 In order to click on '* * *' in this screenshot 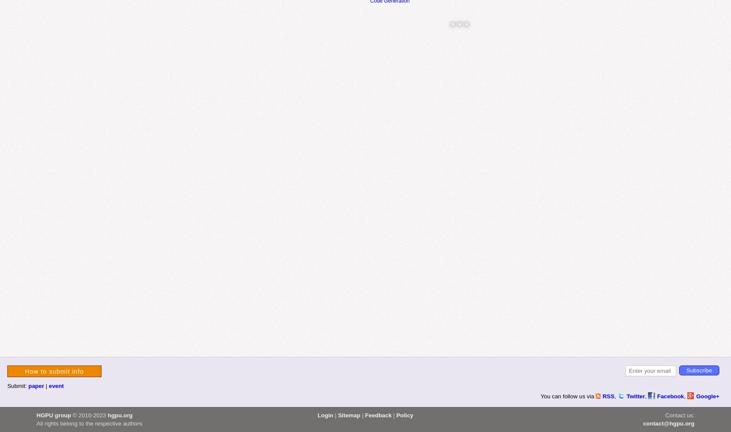, I will do `click(459, 26)`.